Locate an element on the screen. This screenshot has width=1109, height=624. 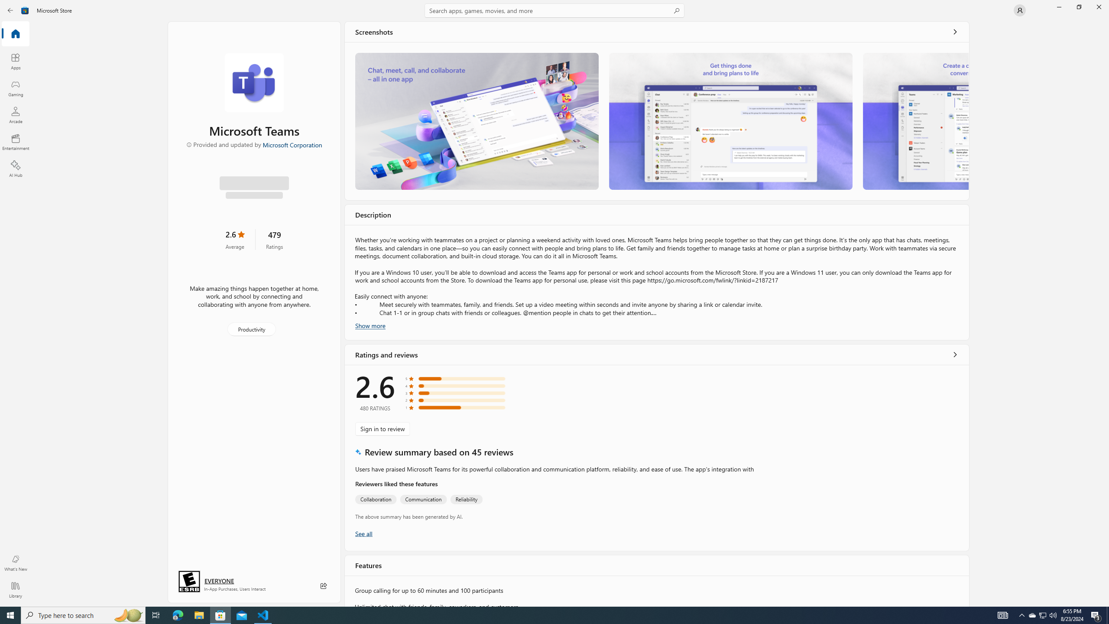
'Close Microsoft Store' is located at coordinates (1098, 6).